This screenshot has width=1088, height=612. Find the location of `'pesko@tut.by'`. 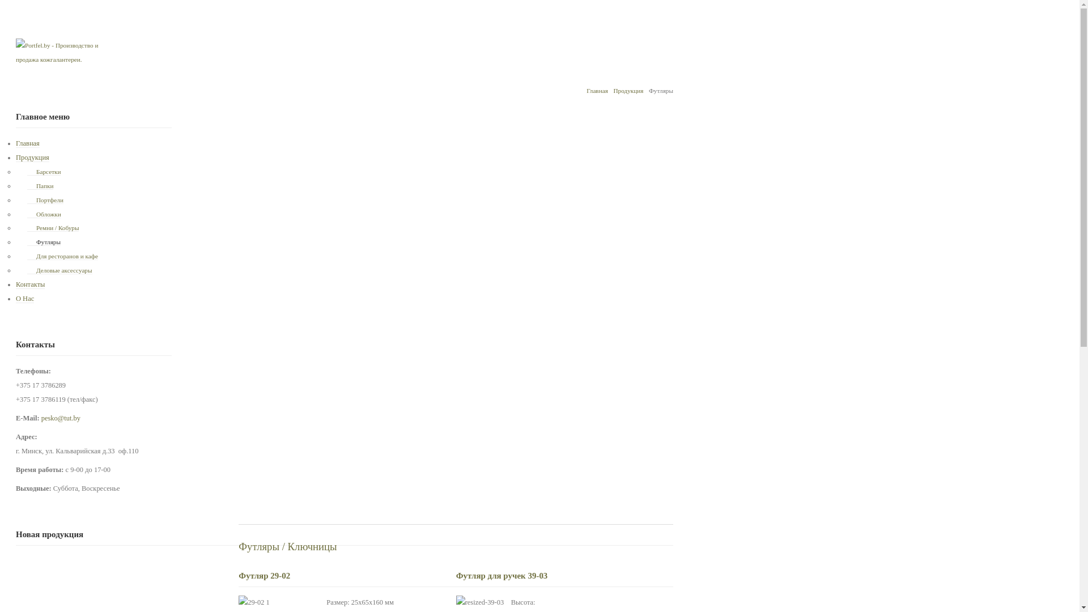

'pesko@tut.by' is located at coordinates (60, 418).